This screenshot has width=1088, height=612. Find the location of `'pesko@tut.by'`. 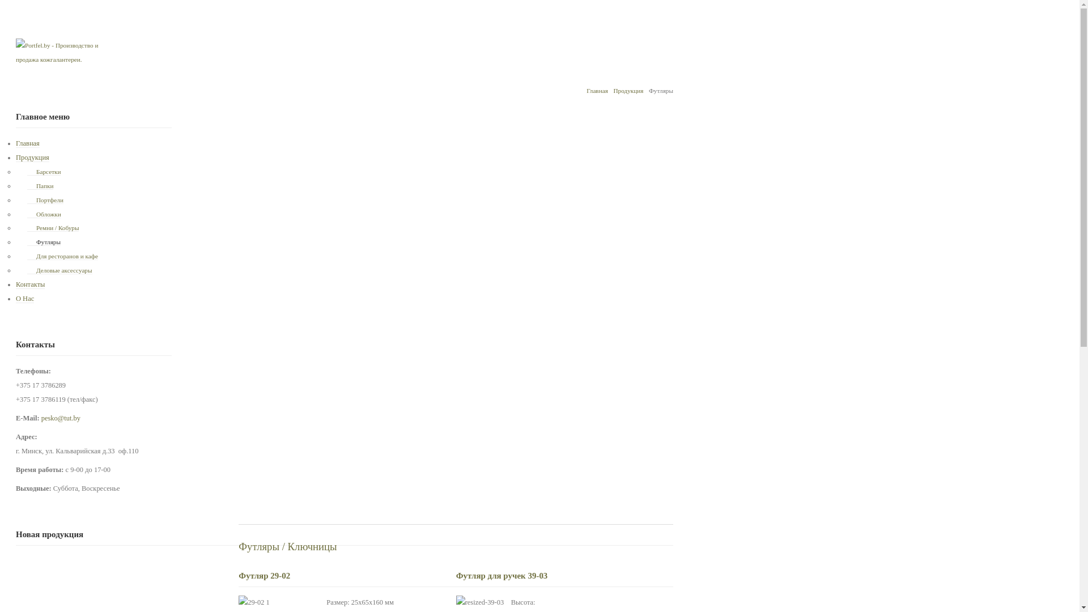

'pesko@tut.by' is located at coordinates (60, 418).